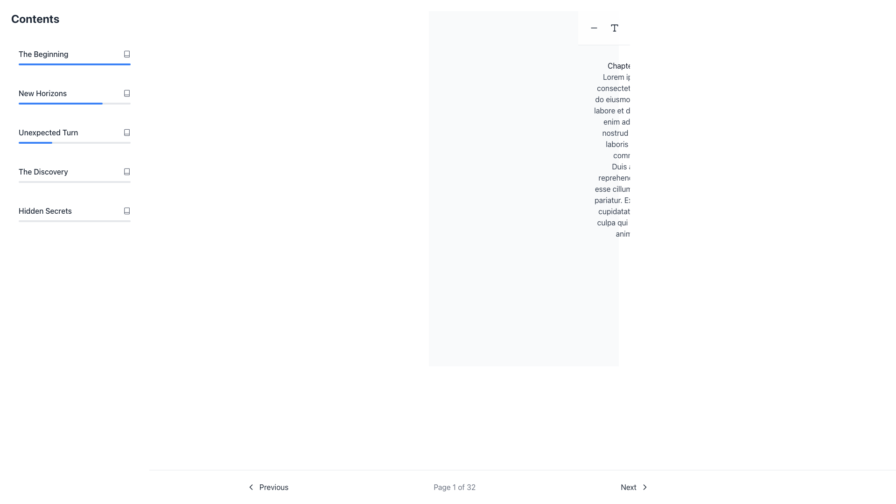 The width and height of the screenshot is (896, 504). What do you see at coordinates (74, 135) in the screenshot?
I see `the interactive list item labeled 'Unexpected Turn' which includes a book icon and a progress bar indicating 30% progression` at bounding box center [74, 135].